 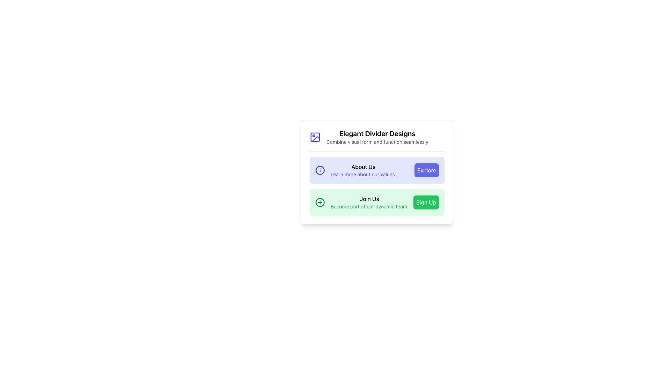 What do you see at coordinates (363, 174) in the screenshot?
I see `the caption that reads 'Learn more about our values.', which is styled in indigo and located below the 'About Us' heading` at bounding box center [363, 174].